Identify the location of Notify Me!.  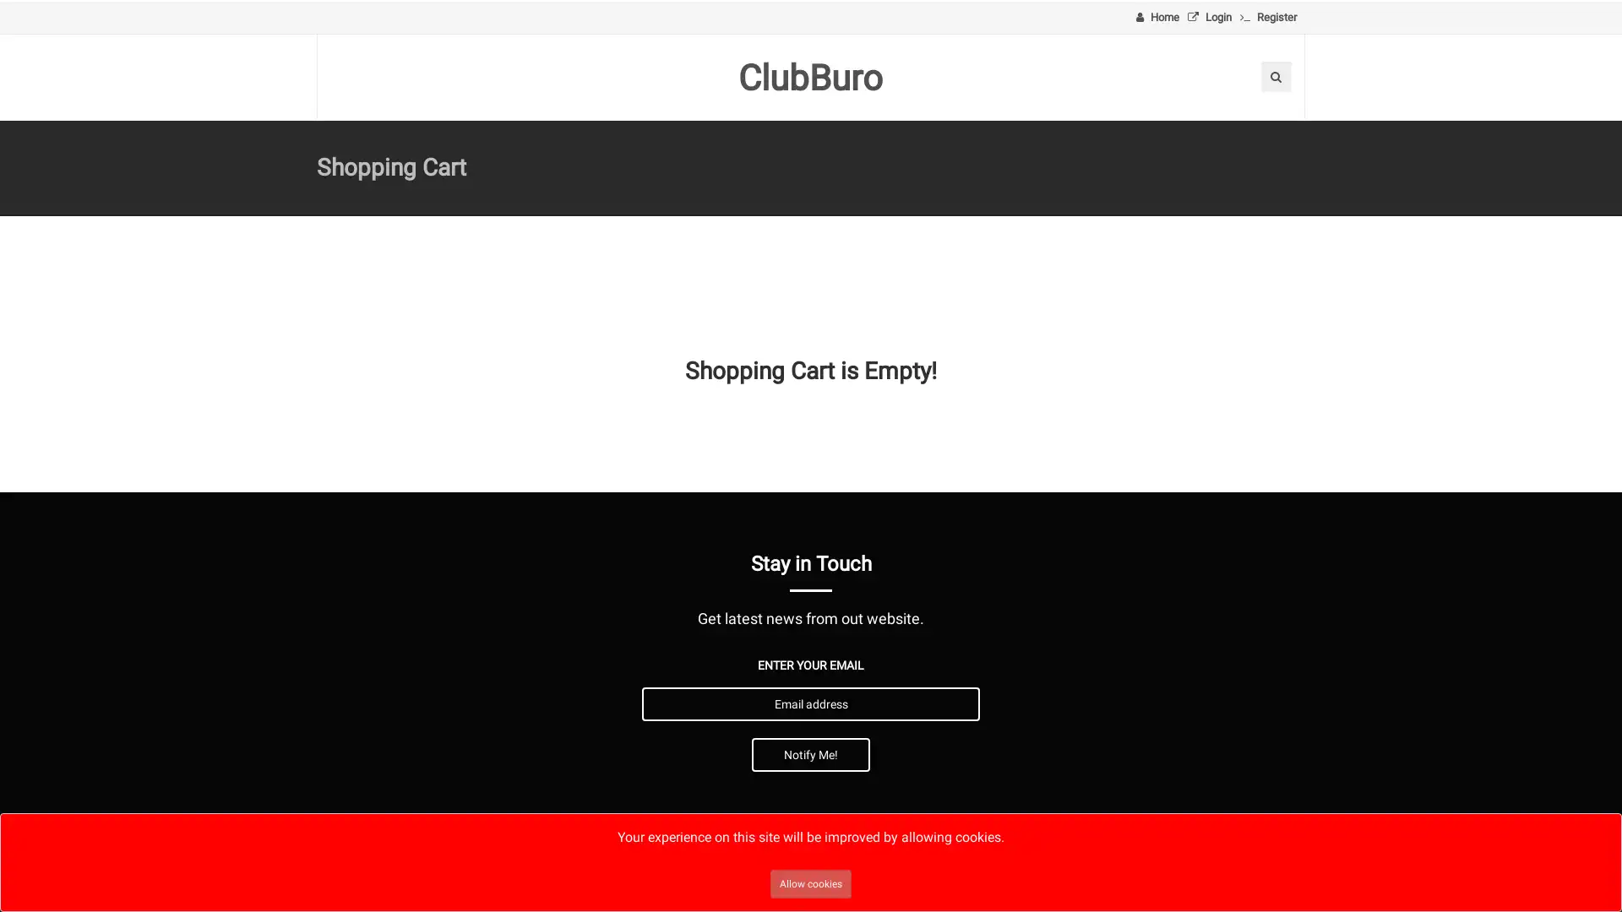
(811, 754).